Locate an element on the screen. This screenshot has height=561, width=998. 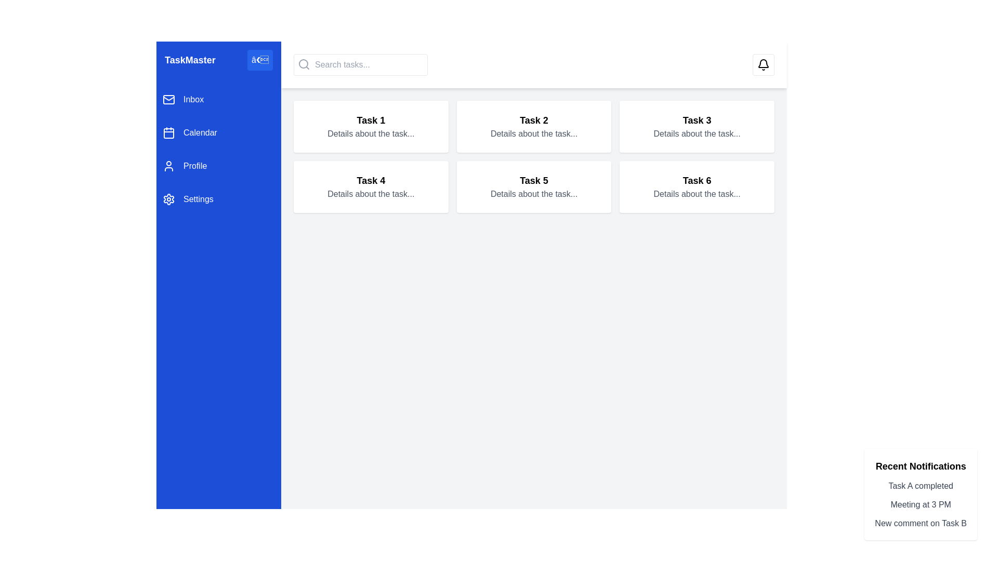
the mail icon, which is an envelope outline located in the left-hand vertical menu of the application interface is located at coordinates (169, 100).